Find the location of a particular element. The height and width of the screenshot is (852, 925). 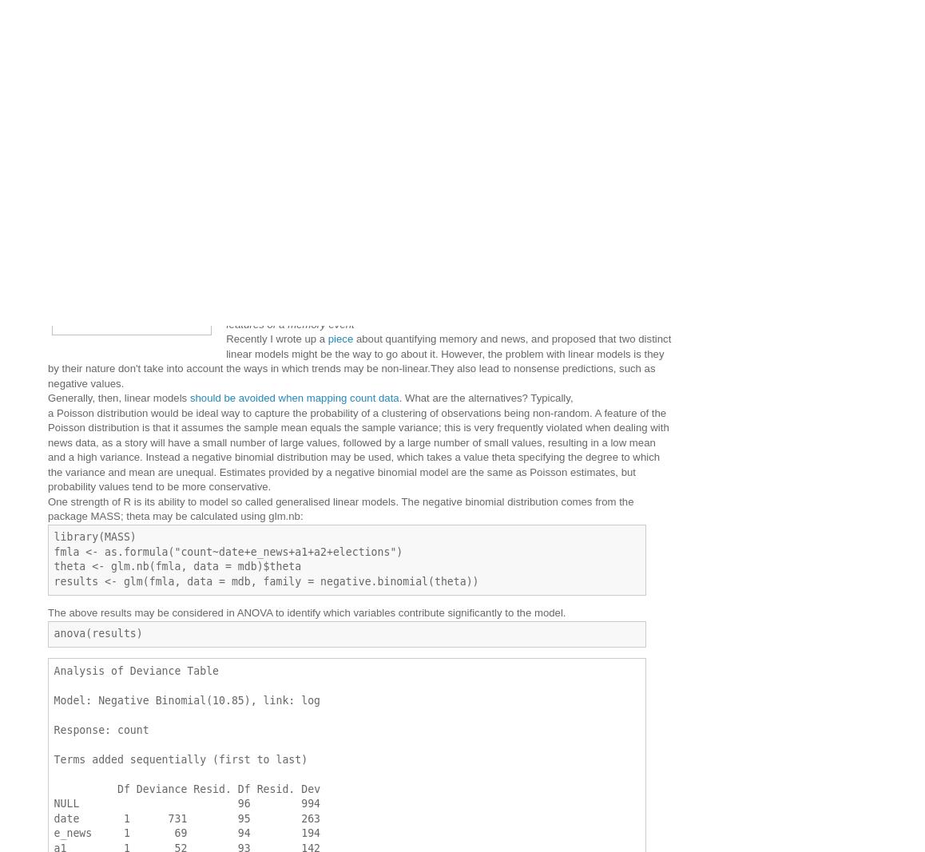

'HOME' is located at coordinates (351, 146).